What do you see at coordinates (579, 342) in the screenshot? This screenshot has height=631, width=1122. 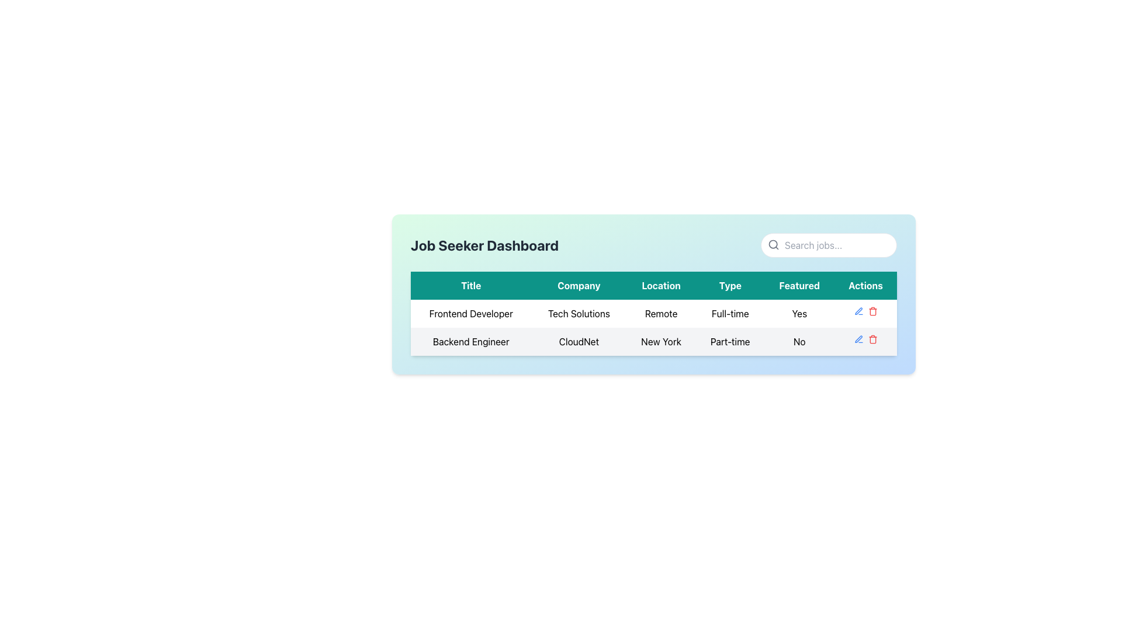 I see `the Text label displaying the company name associated with a job listing, located in the second row of the table under the 'Company' column` at bounding box center [579, 342].